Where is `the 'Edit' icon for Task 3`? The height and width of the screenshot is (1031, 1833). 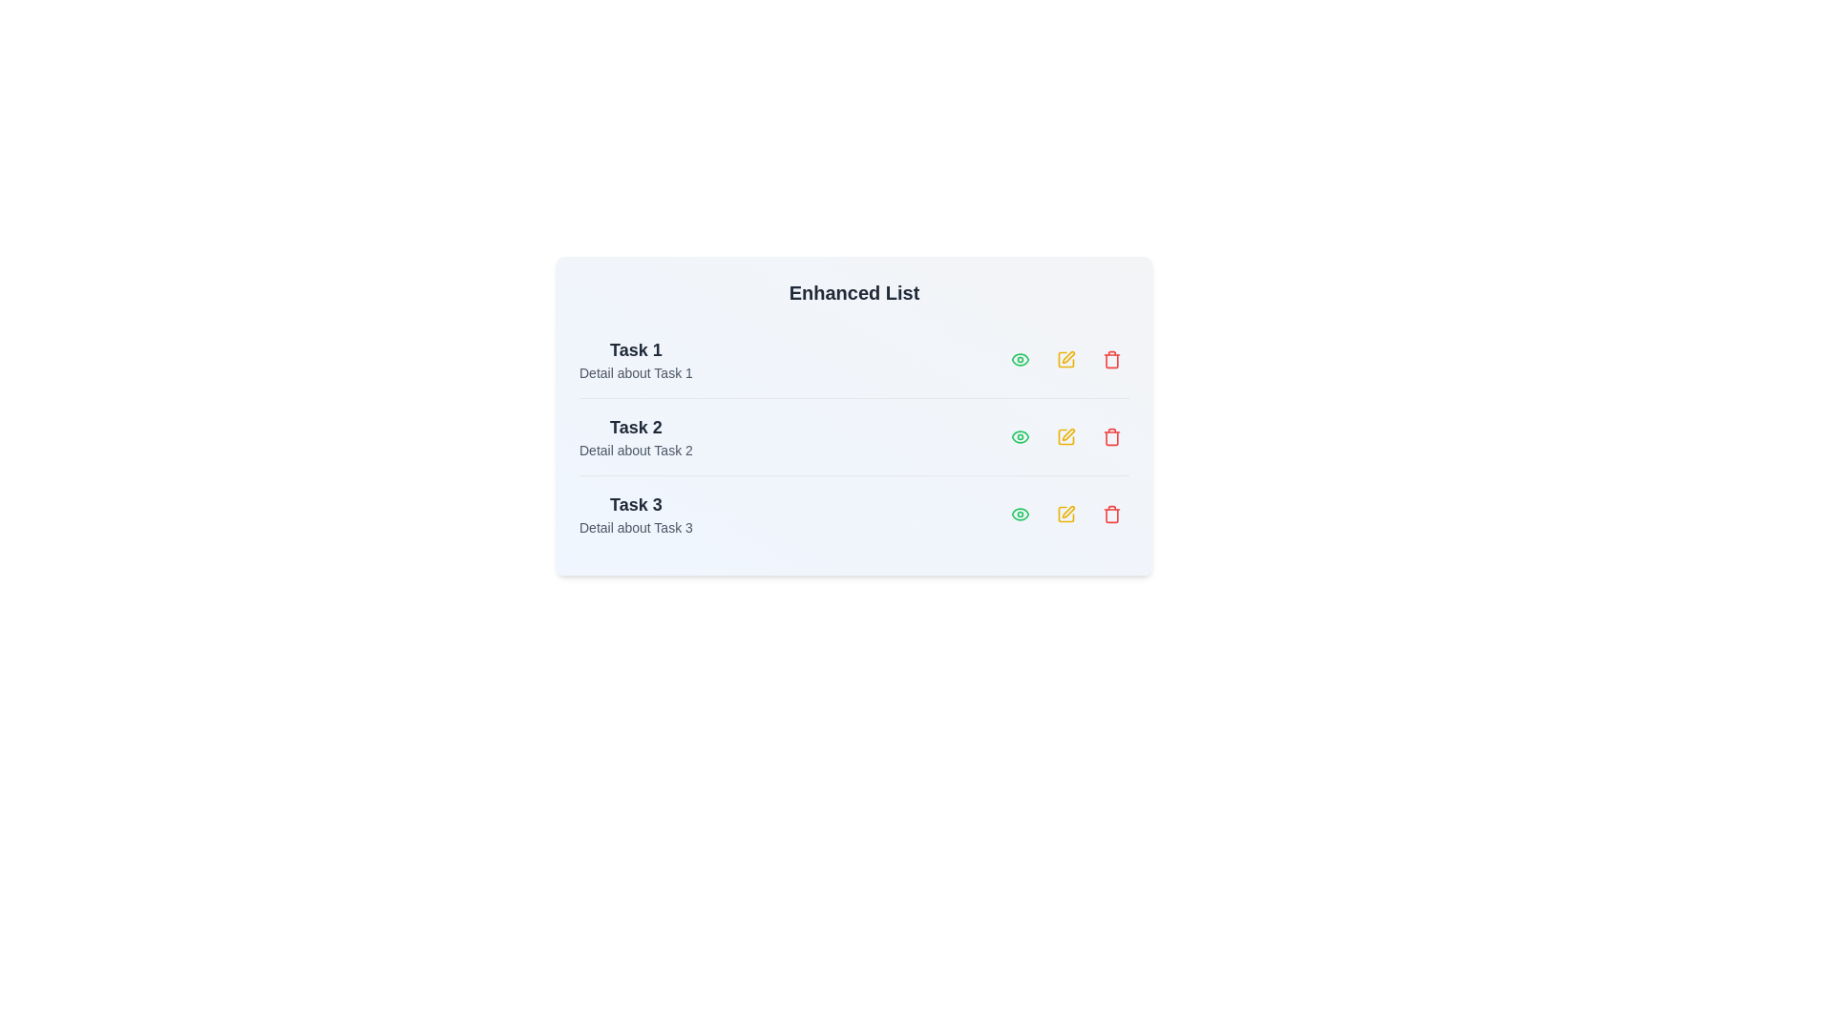
the 'Edit' icon for Task 3 is located at coordinates (1065, 514).